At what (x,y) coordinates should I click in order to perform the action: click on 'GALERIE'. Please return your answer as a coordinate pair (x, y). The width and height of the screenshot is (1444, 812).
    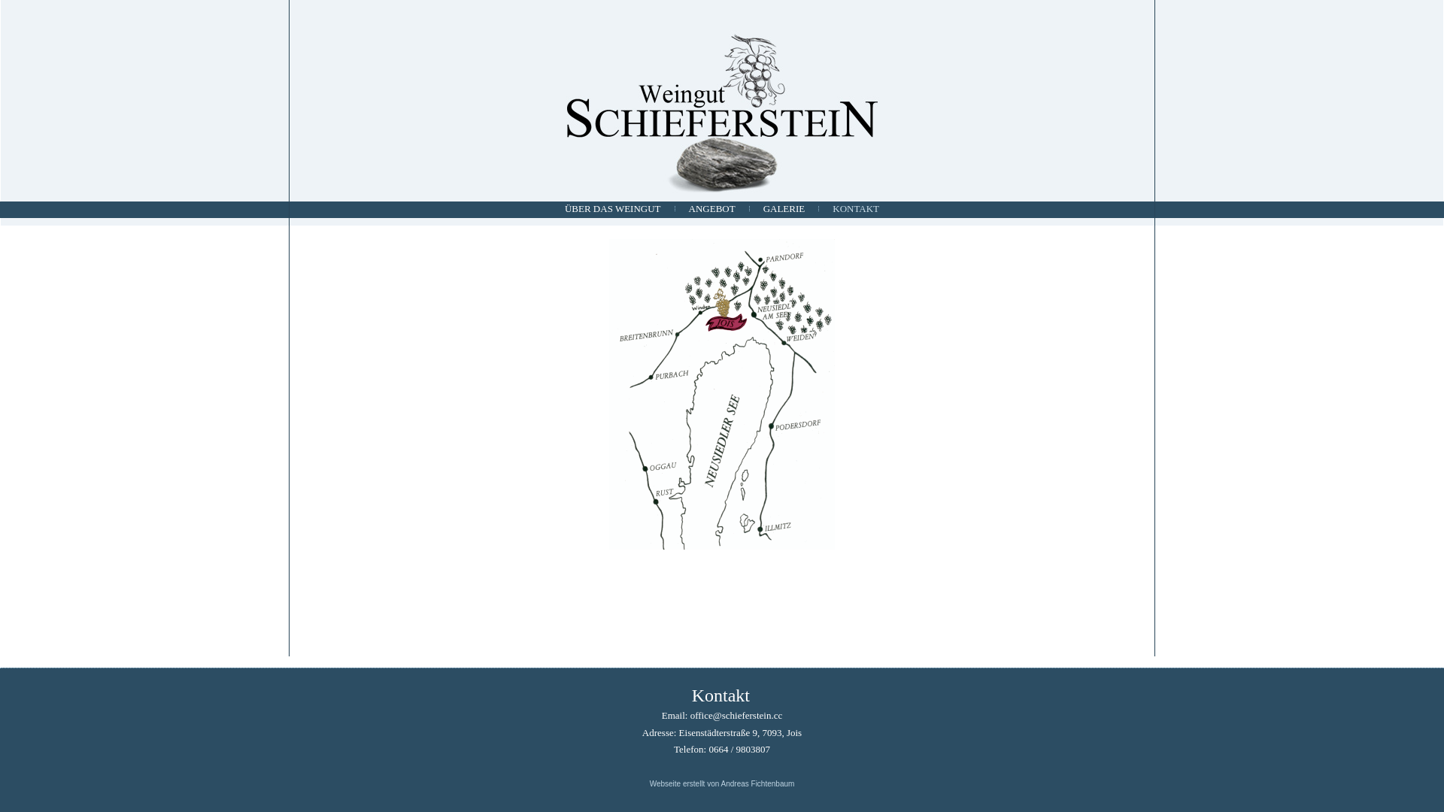
    Looking at the image, I should click on (783, 208).